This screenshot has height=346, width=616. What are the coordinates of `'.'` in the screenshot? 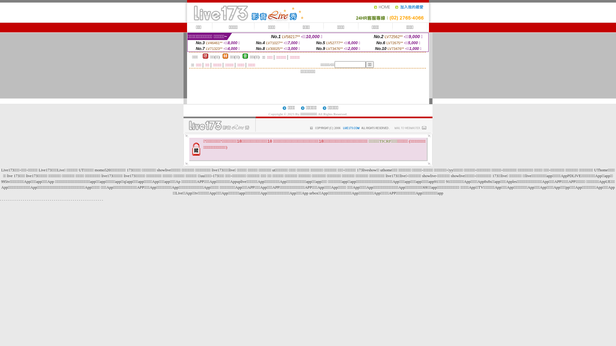 It's located at (31, 199).